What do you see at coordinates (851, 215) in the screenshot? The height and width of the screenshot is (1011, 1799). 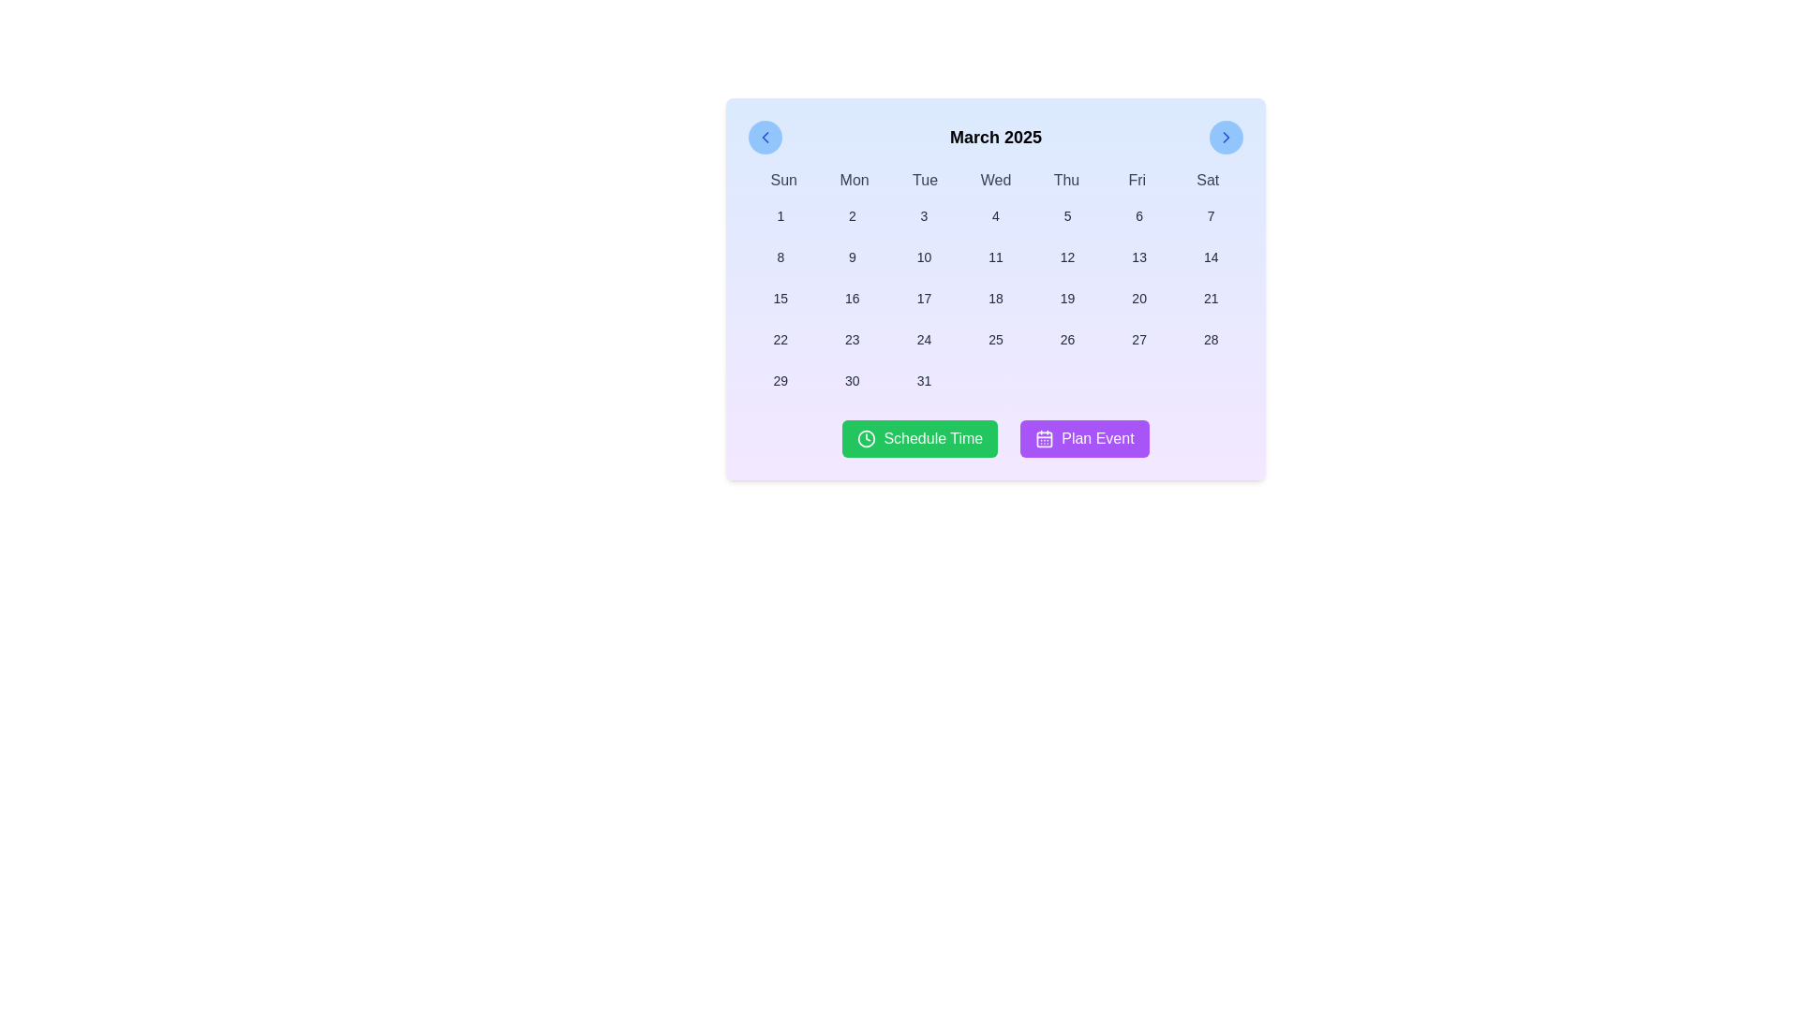 I see `the button representing the second day of the displayed month in the calendar view` at bounding box center [851, 215].